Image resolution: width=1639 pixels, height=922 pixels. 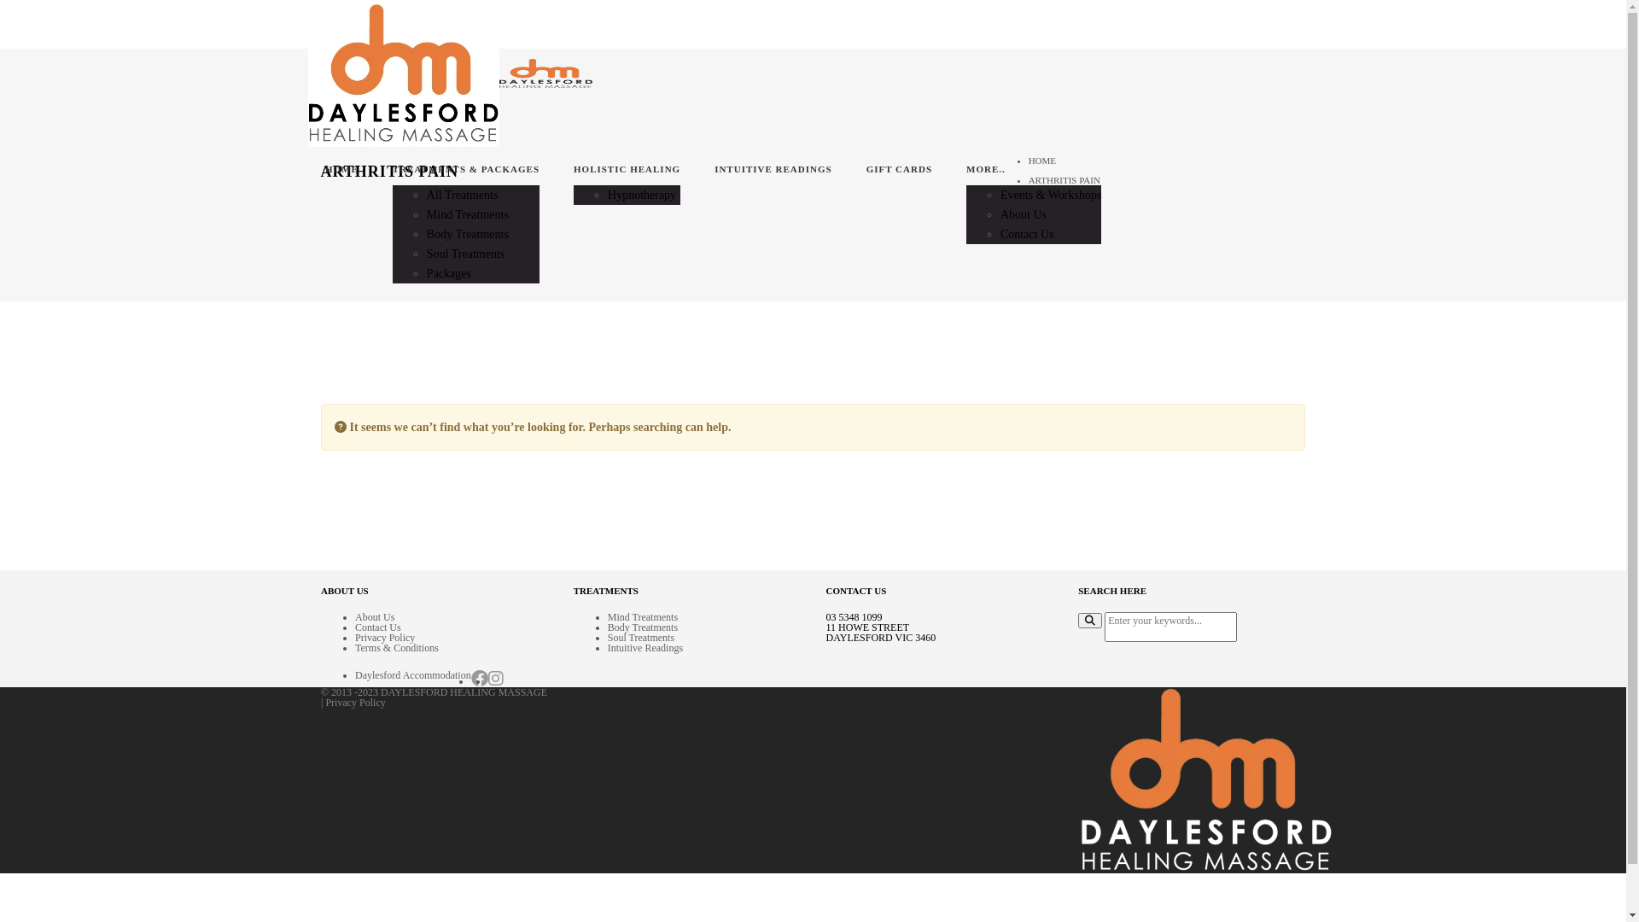 I want to click on 'Mind Treatments', so click(x=642, y=616).